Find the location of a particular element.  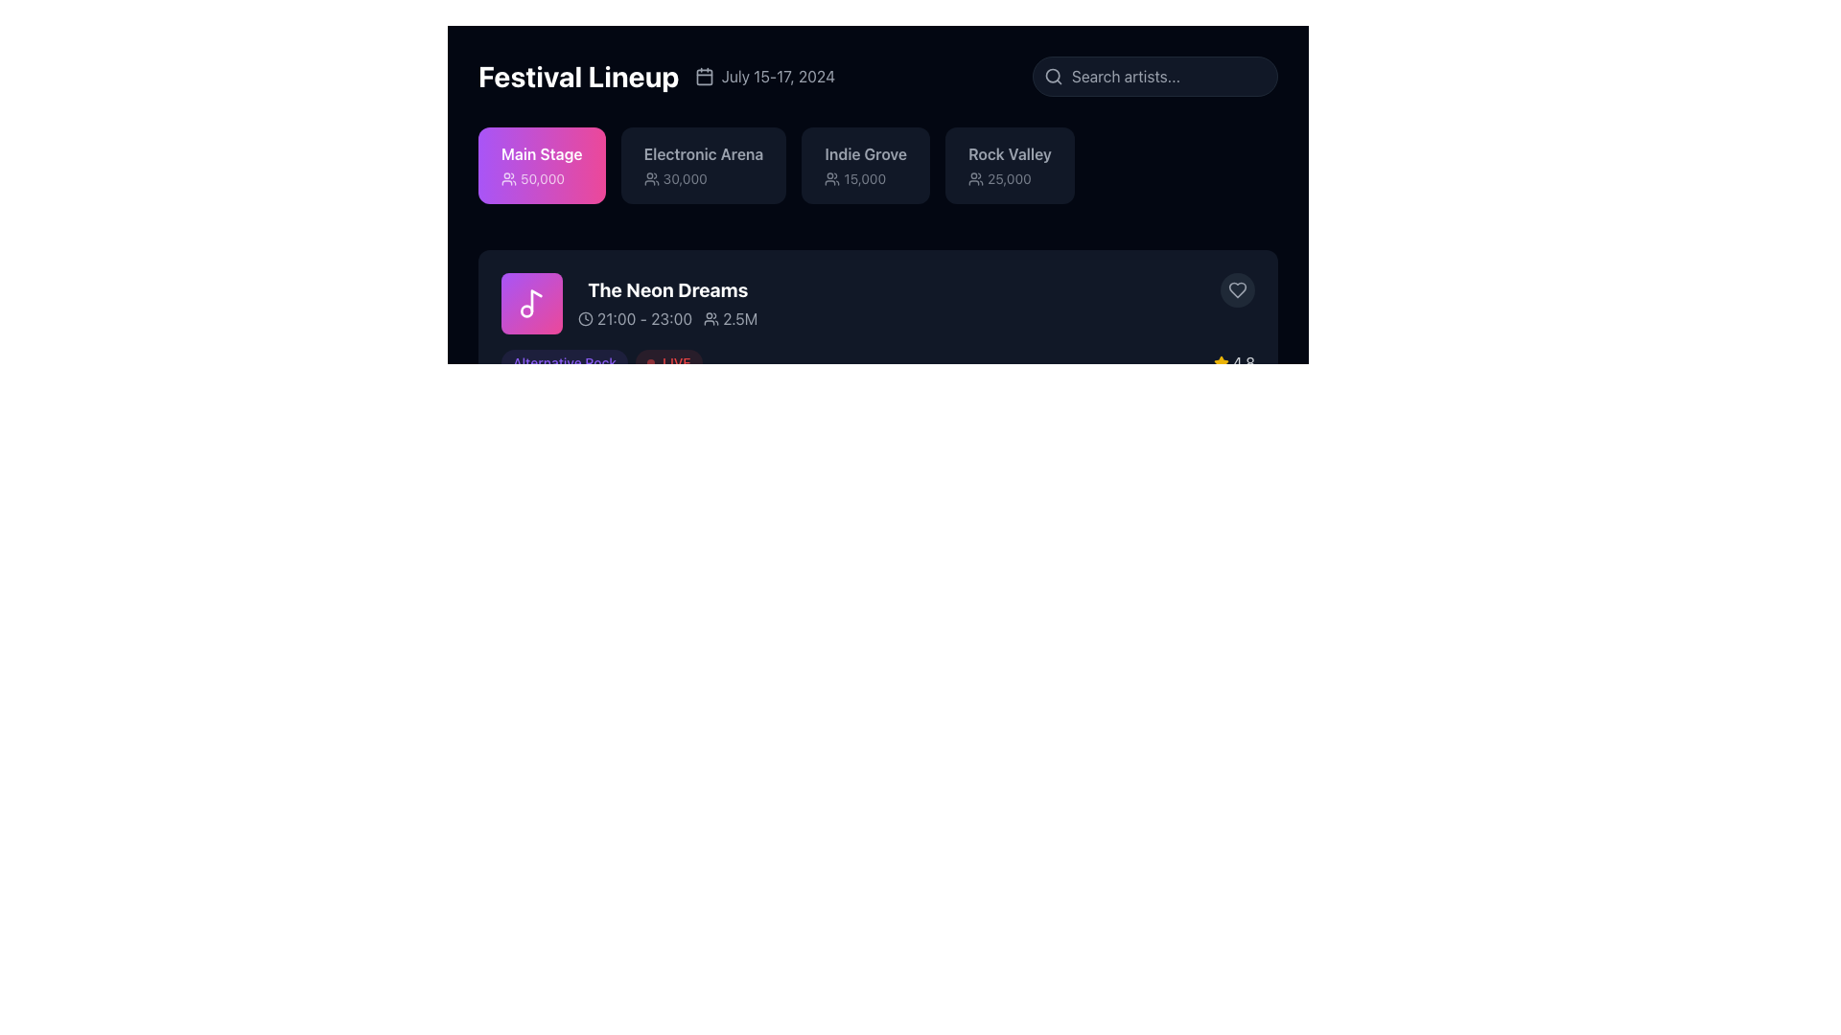

circular SVG element with a simple border that is part of a music note icon using developer tools is located at coordinates (526, 483).